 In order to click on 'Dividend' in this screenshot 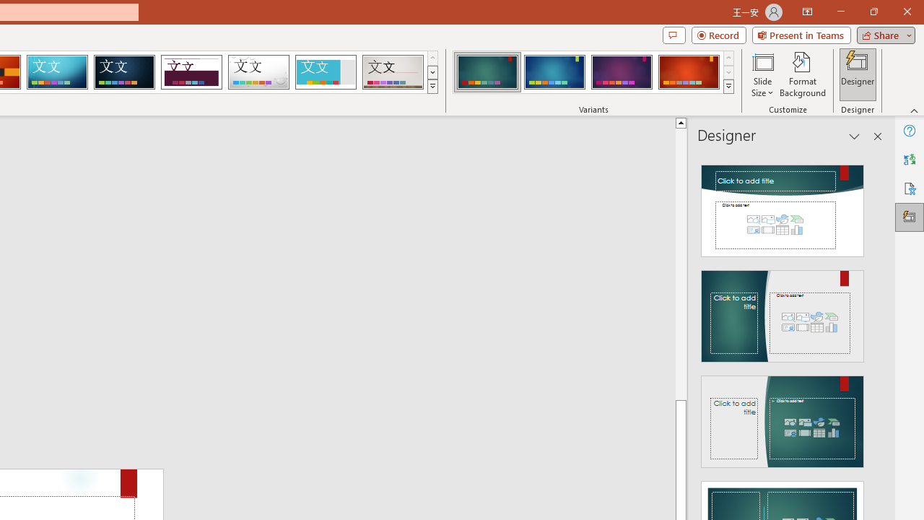, I will do `click(191, 72)`.